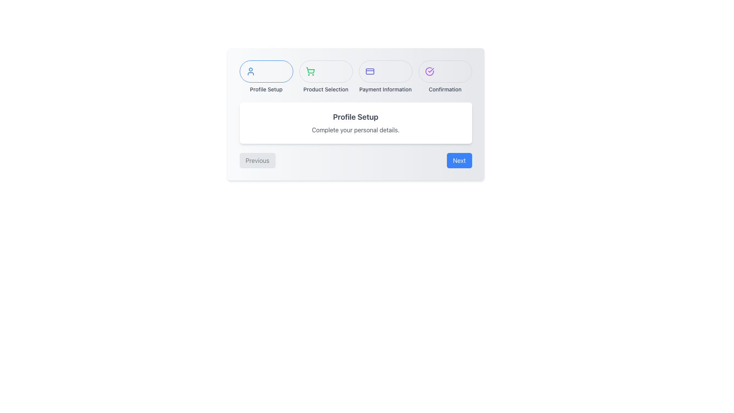  Describe the element at coordinates (310, 71) in the screenshot. I see `the 'Product Selection' icon, which is the second icon in the horizontal sequence of navigation icons at the top of the interface` at that location.